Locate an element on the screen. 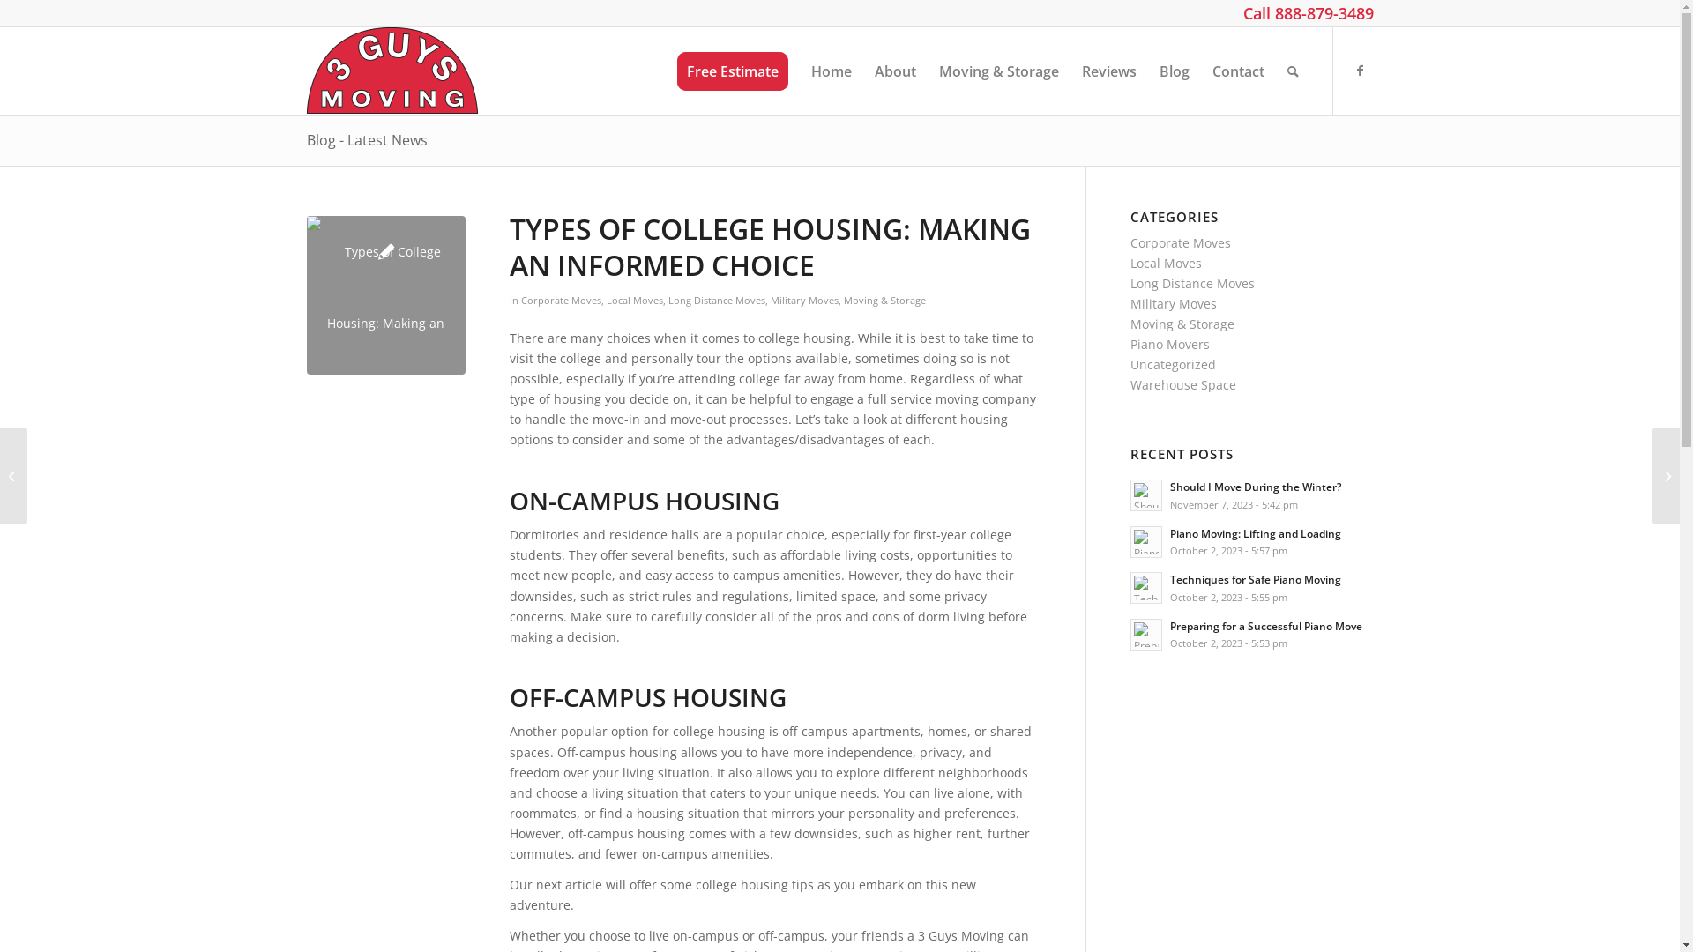 This screenshot has width=1693, height=952. 'Piano Moving: Lifting and Loading 3' is located at coordinates (1146, 540).